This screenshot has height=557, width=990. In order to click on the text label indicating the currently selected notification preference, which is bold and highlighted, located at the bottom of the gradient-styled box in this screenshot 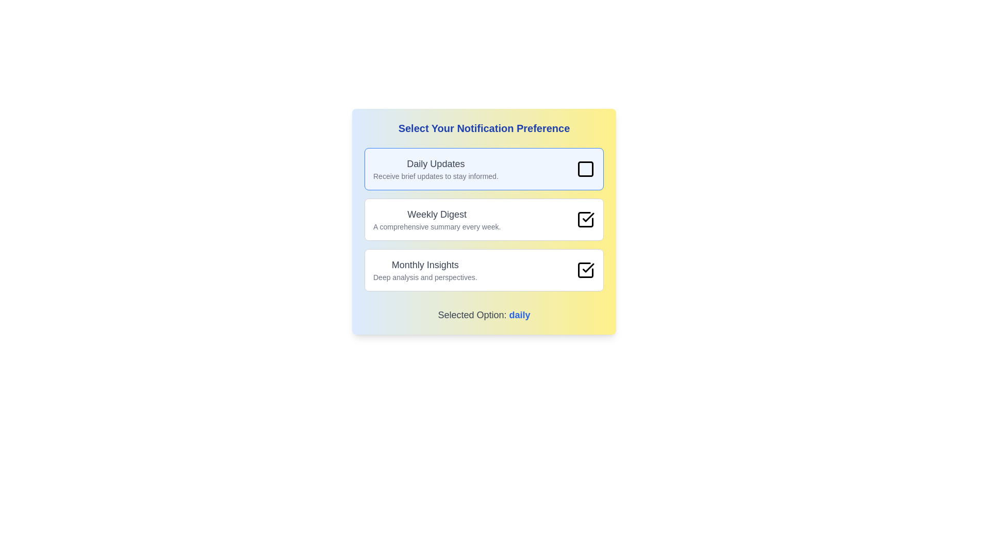, I will do `click(484, 314)`.